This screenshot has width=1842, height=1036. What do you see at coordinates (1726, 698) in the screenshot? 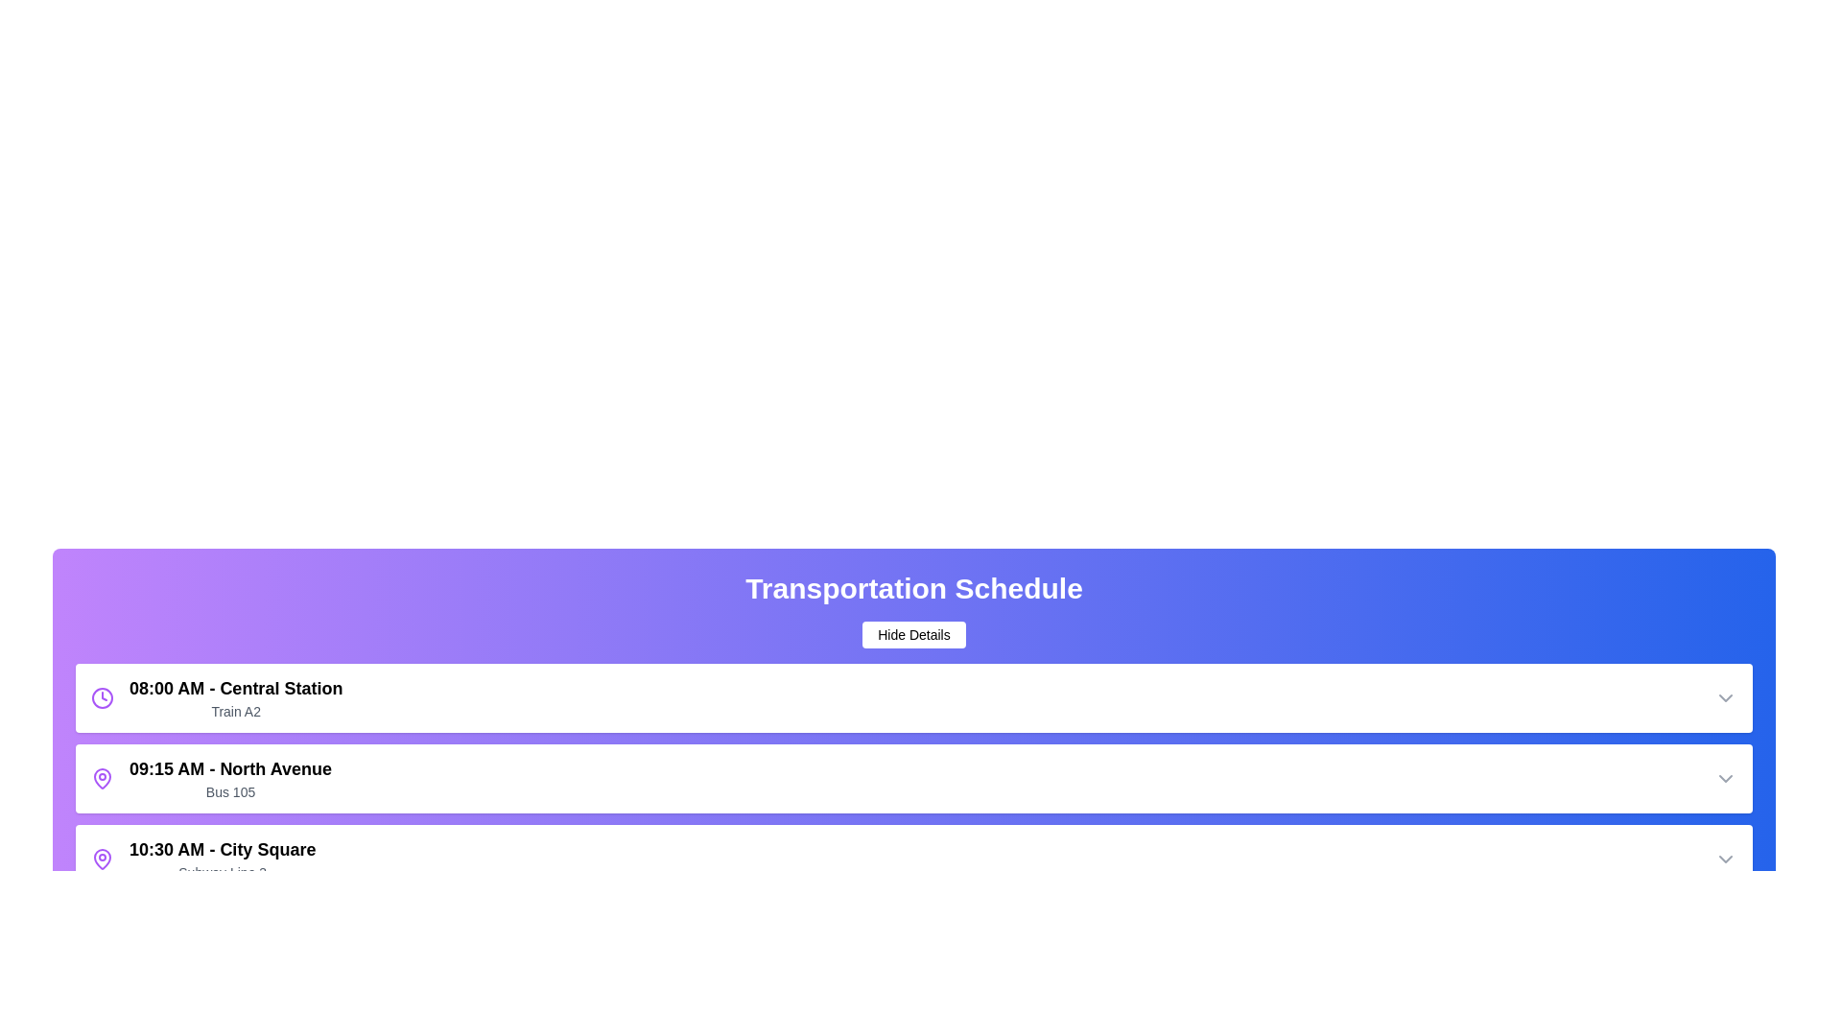
I see `the dropdown arrow of the schedule item corresponding to 08:00 AM - Central Station` at bounding box center [1726, 698].